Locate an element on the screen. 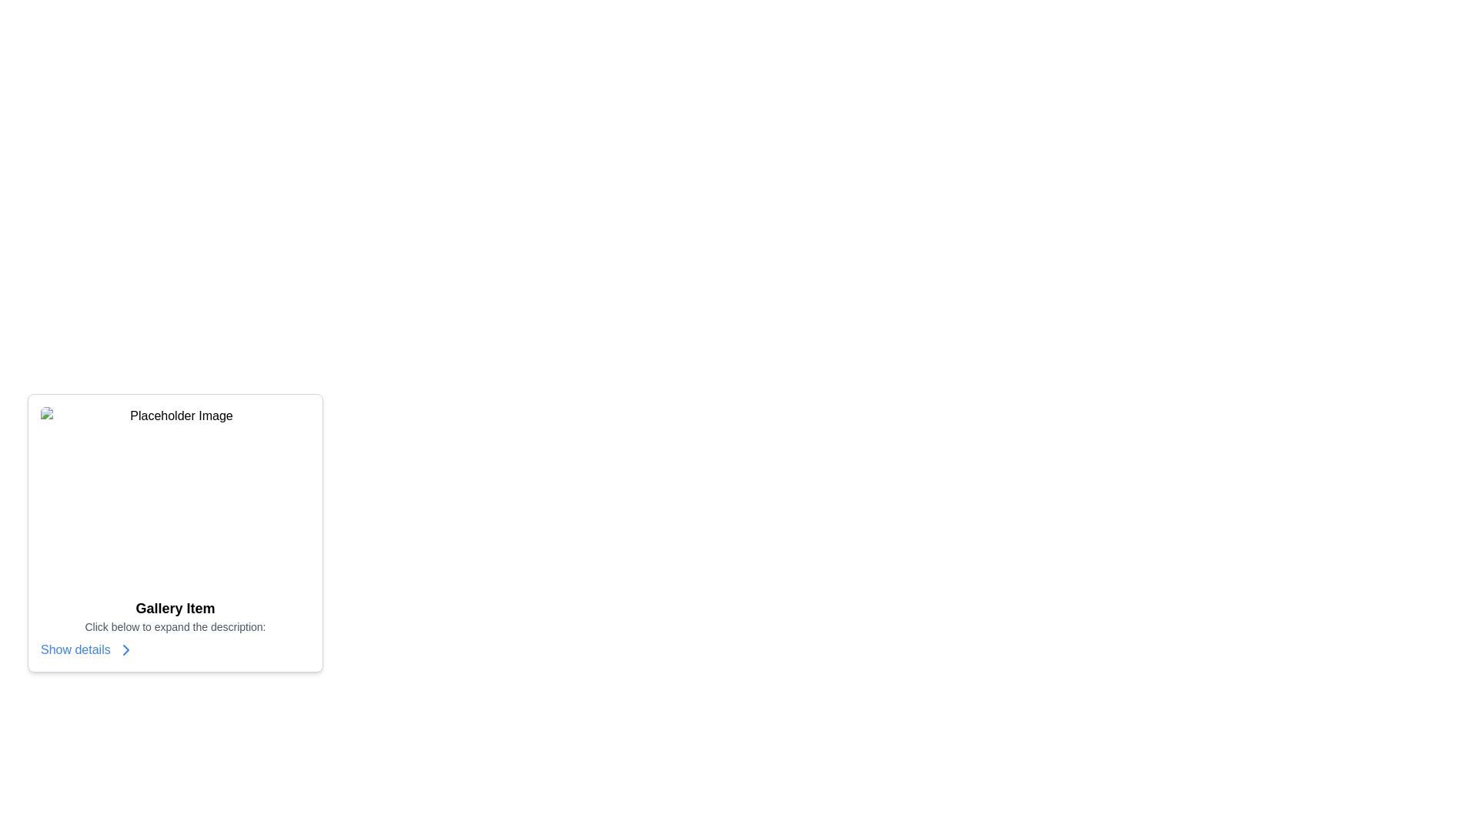 The width and height of the screenshot is (1478, 831). the interactive text link with an icon located at the bottom of the card component, below the description text 'Click below is located at coordinates (87, 649).